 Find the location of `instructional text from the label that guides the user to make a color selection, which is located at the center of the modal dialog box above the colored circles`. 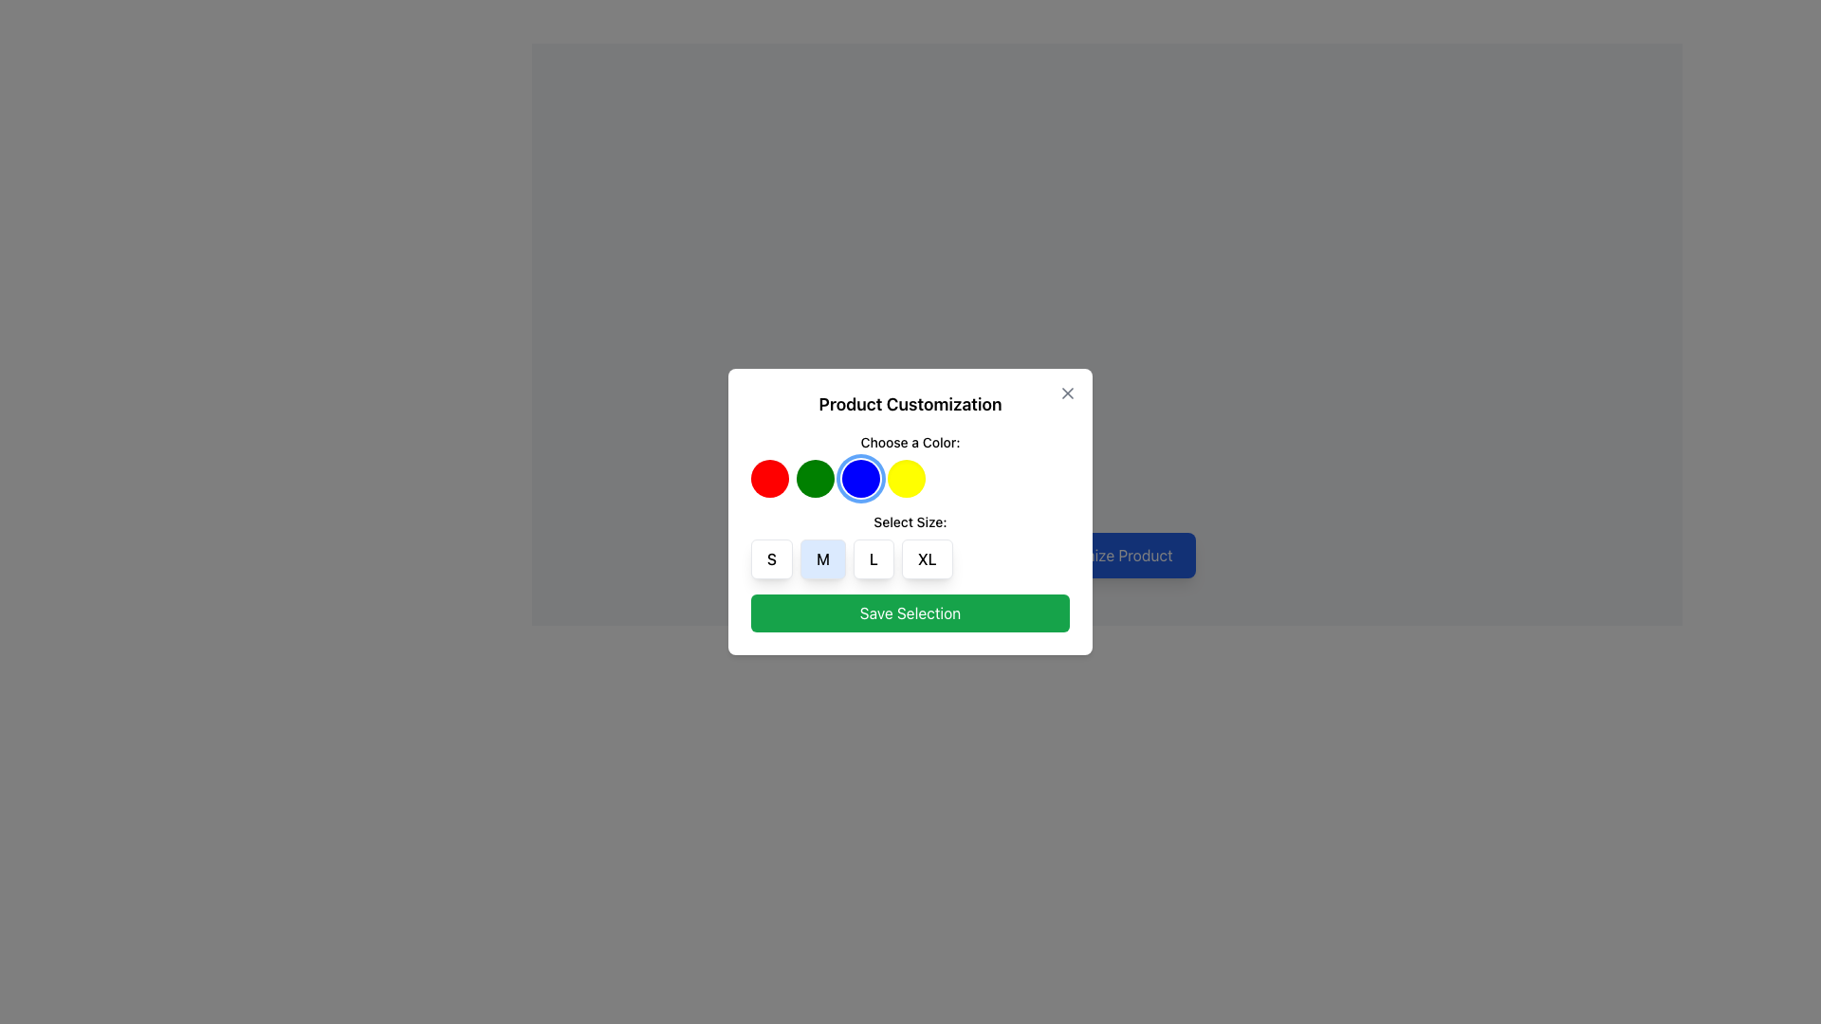

instructional text from the label that guides the user to make a color selection, which is located at the center of the modal dialog box above the colored circles is located at coordinates (910, 442).